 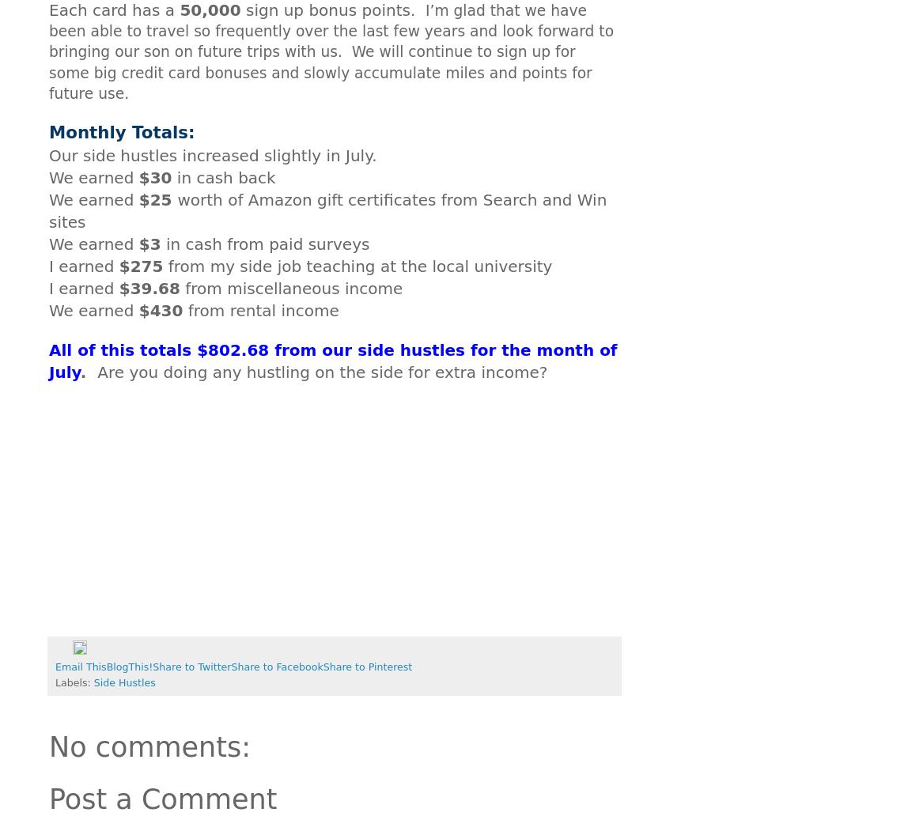 What do you see at coordinates (320, 72) in the screenshot?
I see `'We will continue to sign up for some big
credit card bonuses and slowly accumulate miles and points for future use.'` at bounding box center [320, 72].